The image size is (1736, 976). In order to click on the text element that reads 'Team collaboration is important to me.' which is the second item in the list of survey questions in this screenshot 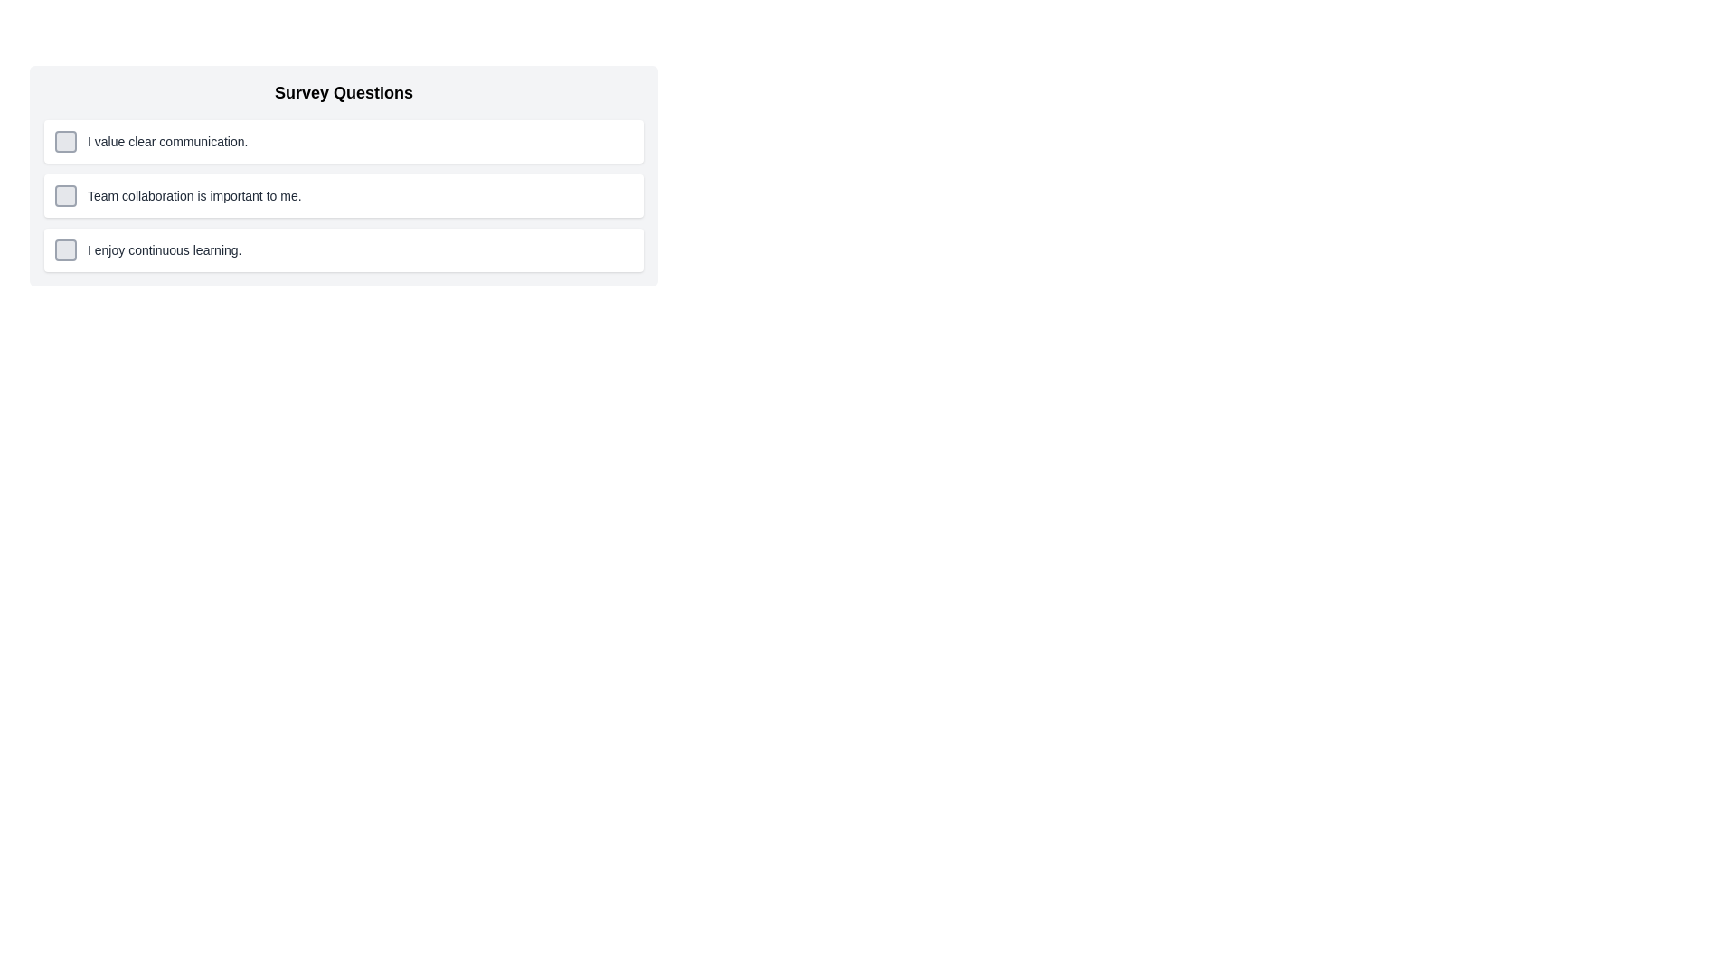, I will do `click(194, 195)`.